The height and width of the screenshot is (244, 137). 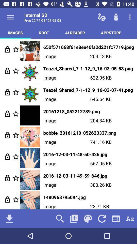 I want to click on highlight the option, so click(x=16, y=135).